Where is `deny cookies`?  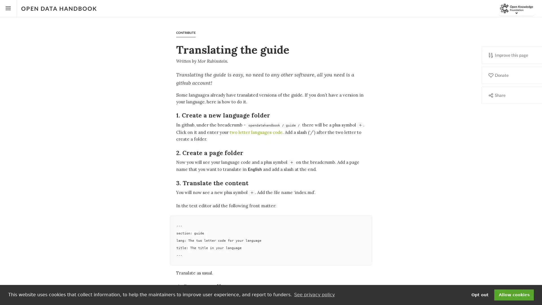 deny cookies is located at coordinates (479, 295).